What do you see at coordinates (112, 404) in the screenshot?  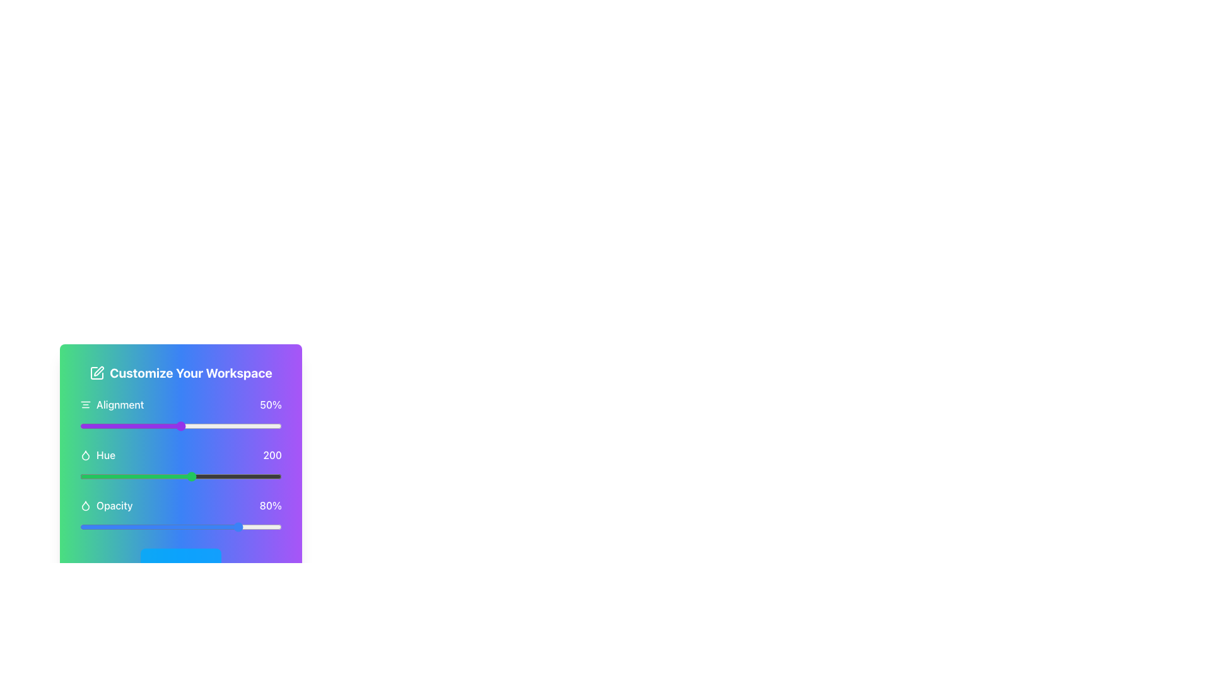 I see `the label indicating the text alignment feature located in the 'Customize Your Workspace' section, positioned to the left of the slider displaying '50%'` at bounding box center [112, 404].